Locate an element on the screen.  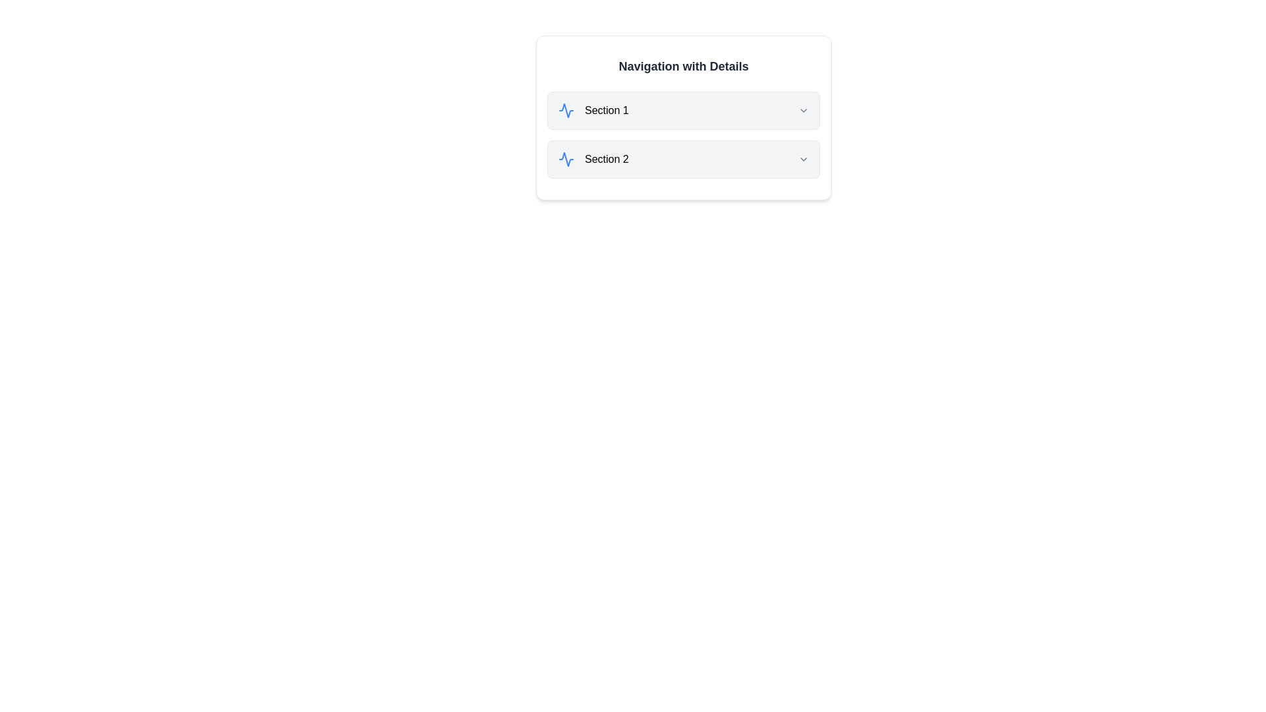
the downward-pointing chevron icon on the rightmost side of 'Section 1' is located at coordinates (803, 110).